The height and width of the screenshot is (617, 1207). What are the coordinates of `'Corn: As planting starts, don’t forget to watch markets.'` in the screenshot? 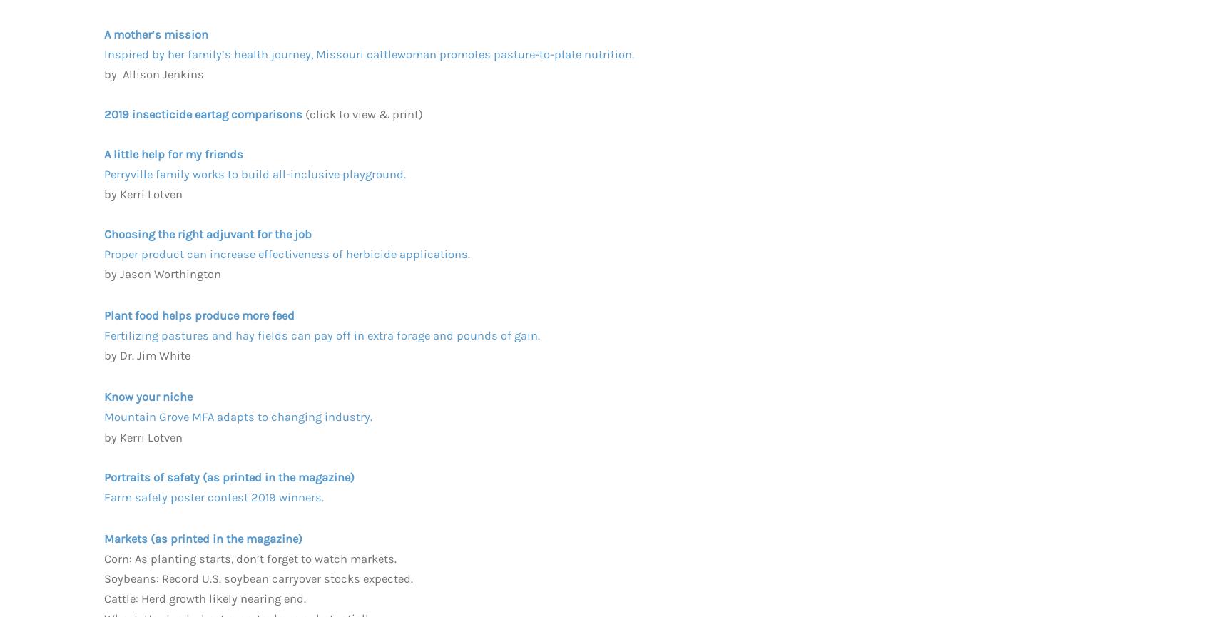 It's located at (249, 557).